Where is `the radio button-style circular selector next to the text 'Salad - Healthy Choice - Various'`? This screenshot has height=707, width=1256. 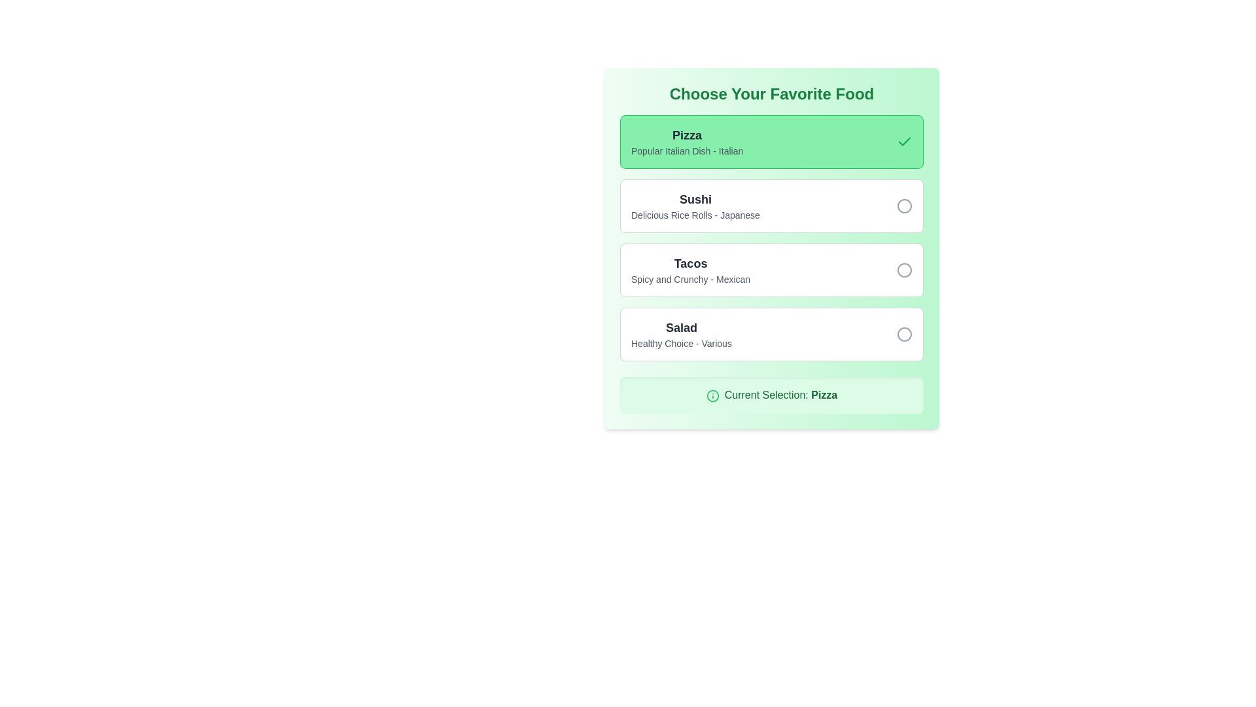
the radio button-style circular selector next to the text 'Salad - Healthy Choice - Various' is located at coordinates (903, 333).